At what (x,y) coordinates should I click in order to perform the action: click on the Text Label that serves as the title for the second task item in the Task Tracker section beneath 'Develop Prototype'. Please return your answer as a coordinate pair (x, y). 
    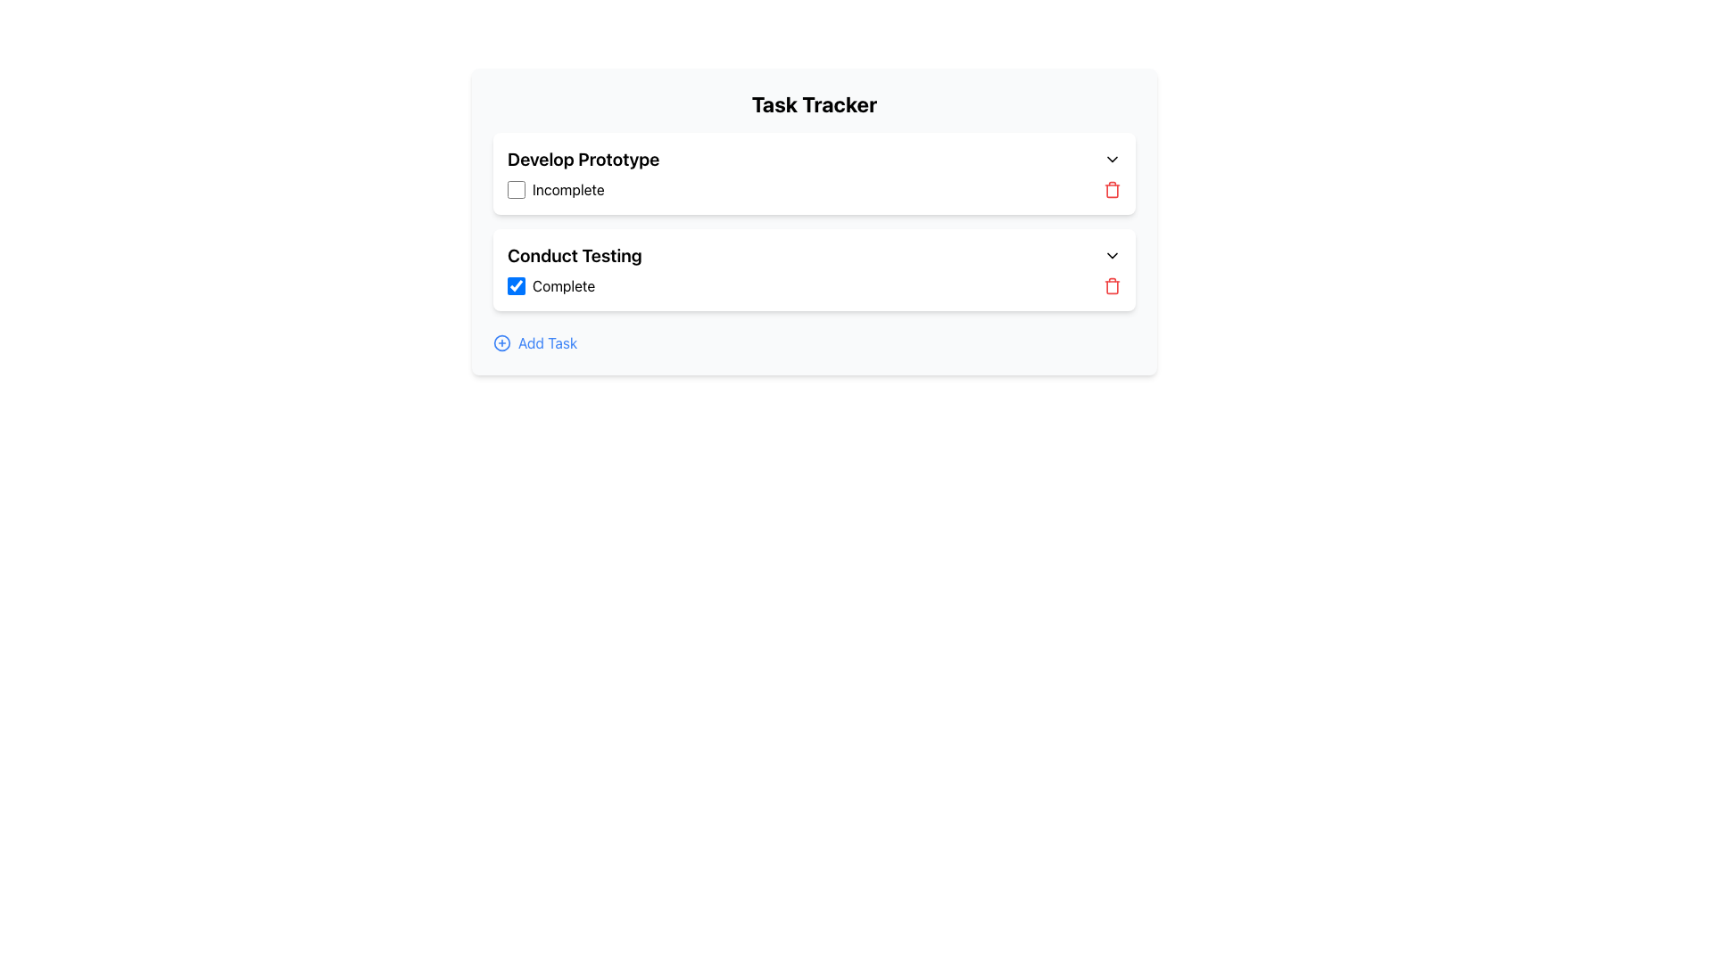
    Looking at the image, I should click on (575, 255).